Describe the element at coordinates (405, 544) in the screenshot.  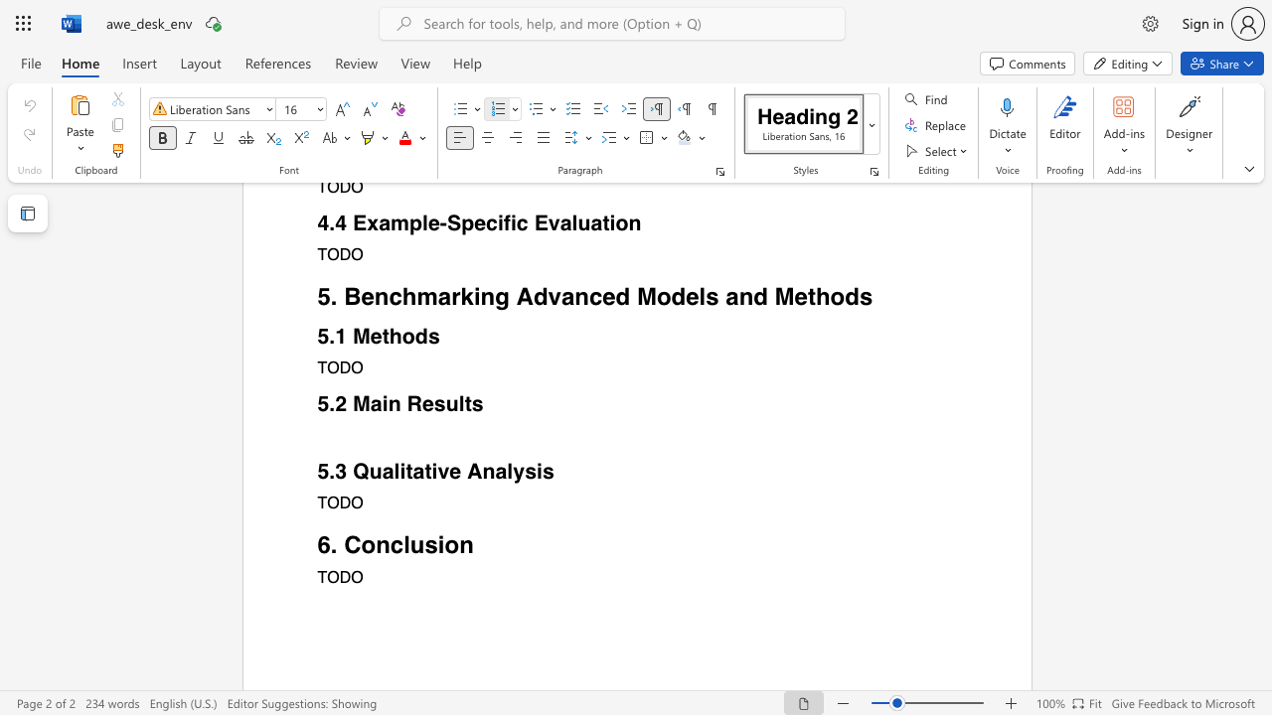
I see `the 1th character "l" in the text` at that location.